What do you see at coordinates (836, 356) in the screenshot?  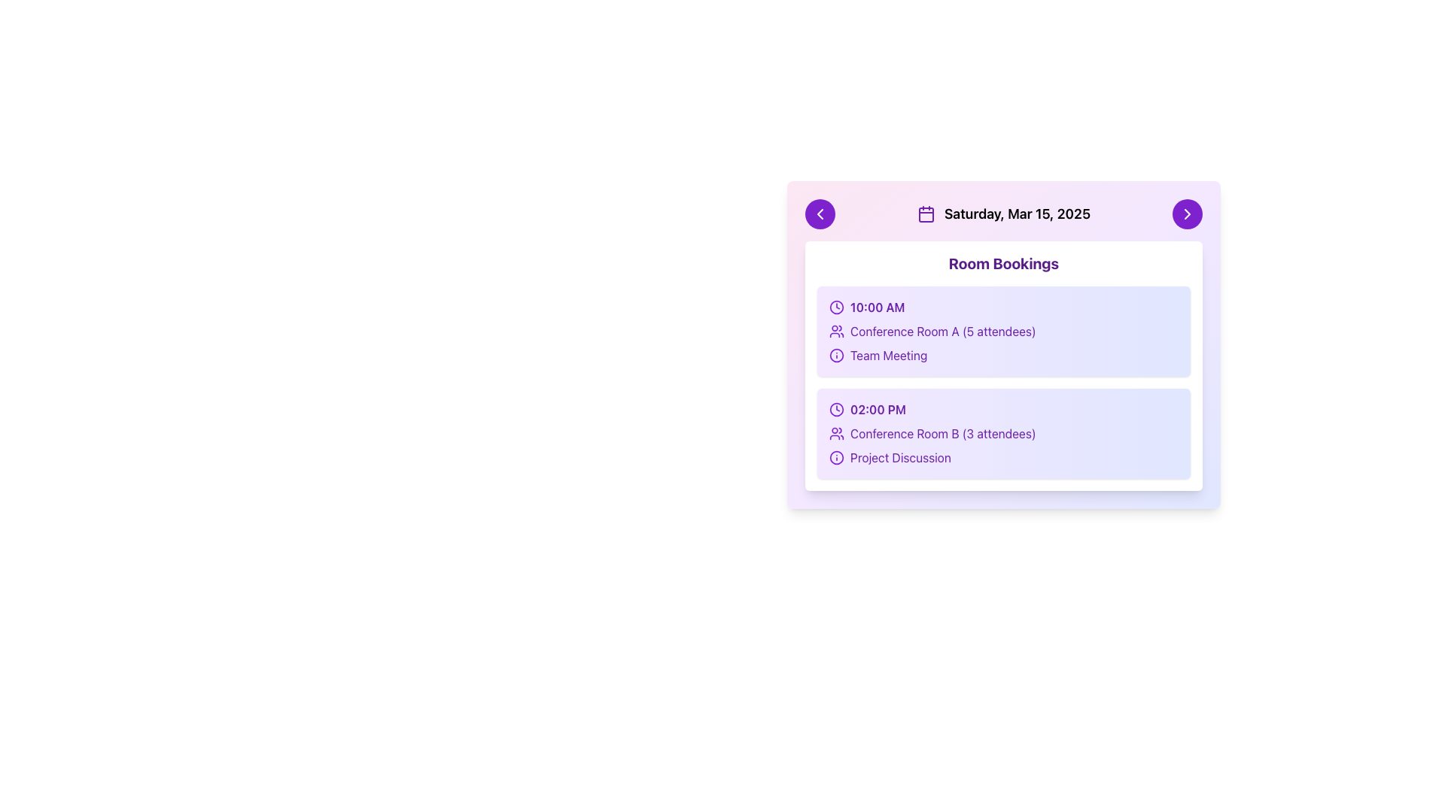 I see `the purple circular icon with an 'info' symbol located to the left of the text 'Team Meeting' in the event list under 'Room Bookings'` at bounding box center [836, 356].